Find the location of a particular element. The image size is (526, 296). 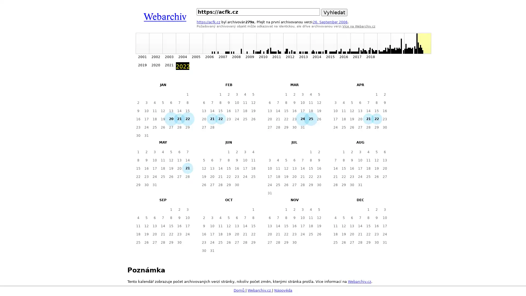

Vyhledat is located at coordinates (334, 12).